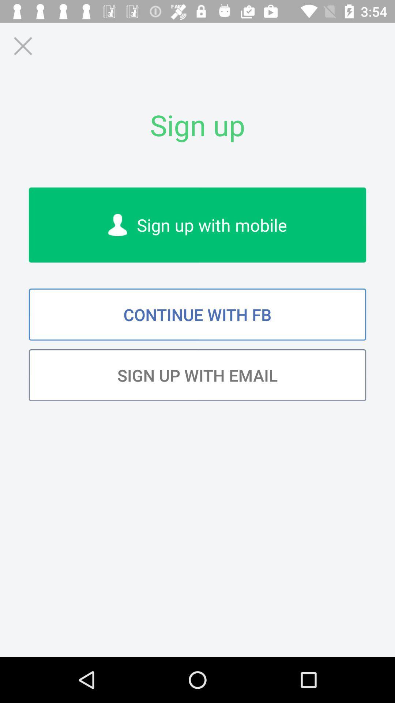  Describe the element at coordinates (197, 315) in the screenshot. I see `icon below the sign up with icon` at that location.